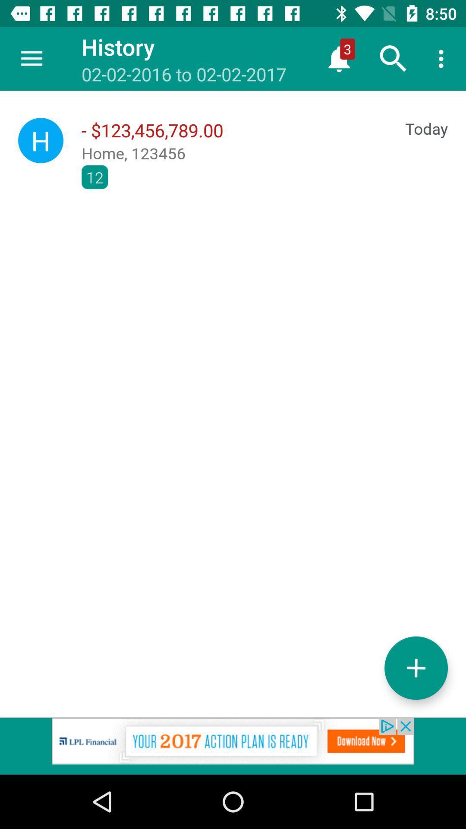  Describe the element at coordinates (416, 668) in the screenshot. I see `expense entry` at that location.